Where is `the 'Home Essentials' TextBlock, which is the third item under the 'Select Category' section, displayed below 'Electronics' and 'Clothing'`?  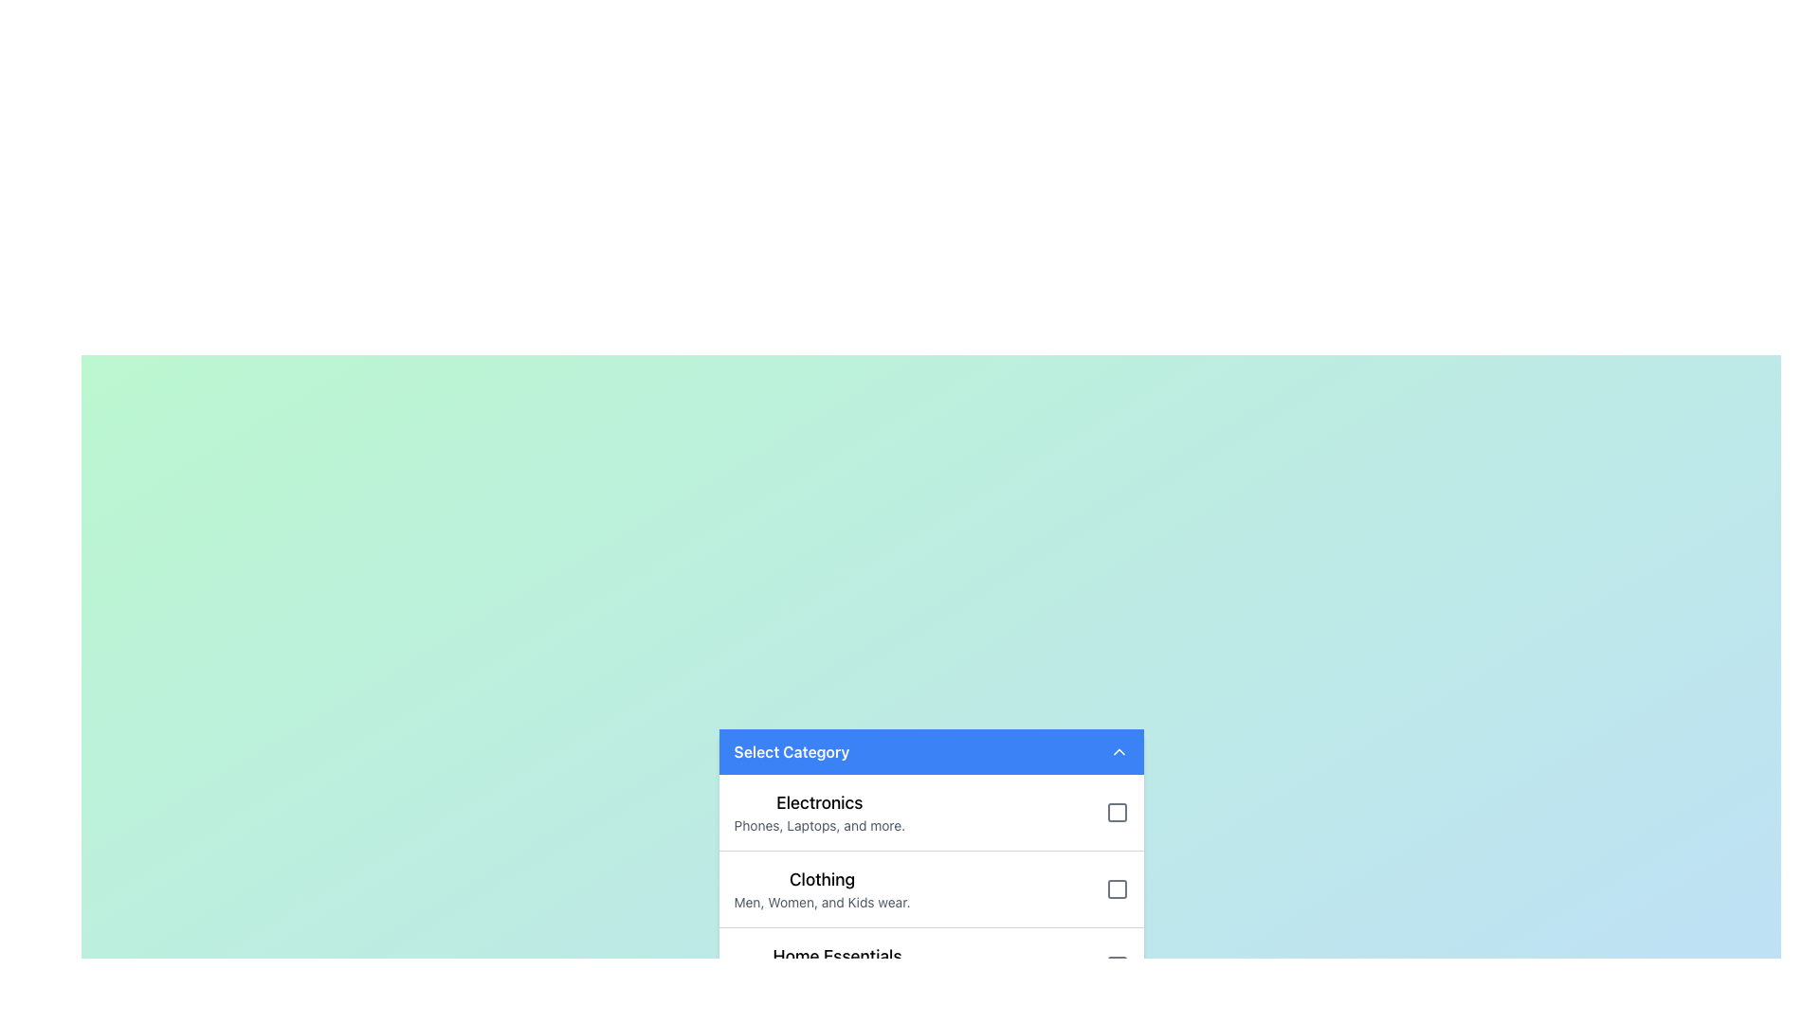 the 'Home Essentials' TextBlock, which is the third item under the 'Select Category' section, displayed below 'Electronics' and 'Clothing' is located at coordinates (836, 965).